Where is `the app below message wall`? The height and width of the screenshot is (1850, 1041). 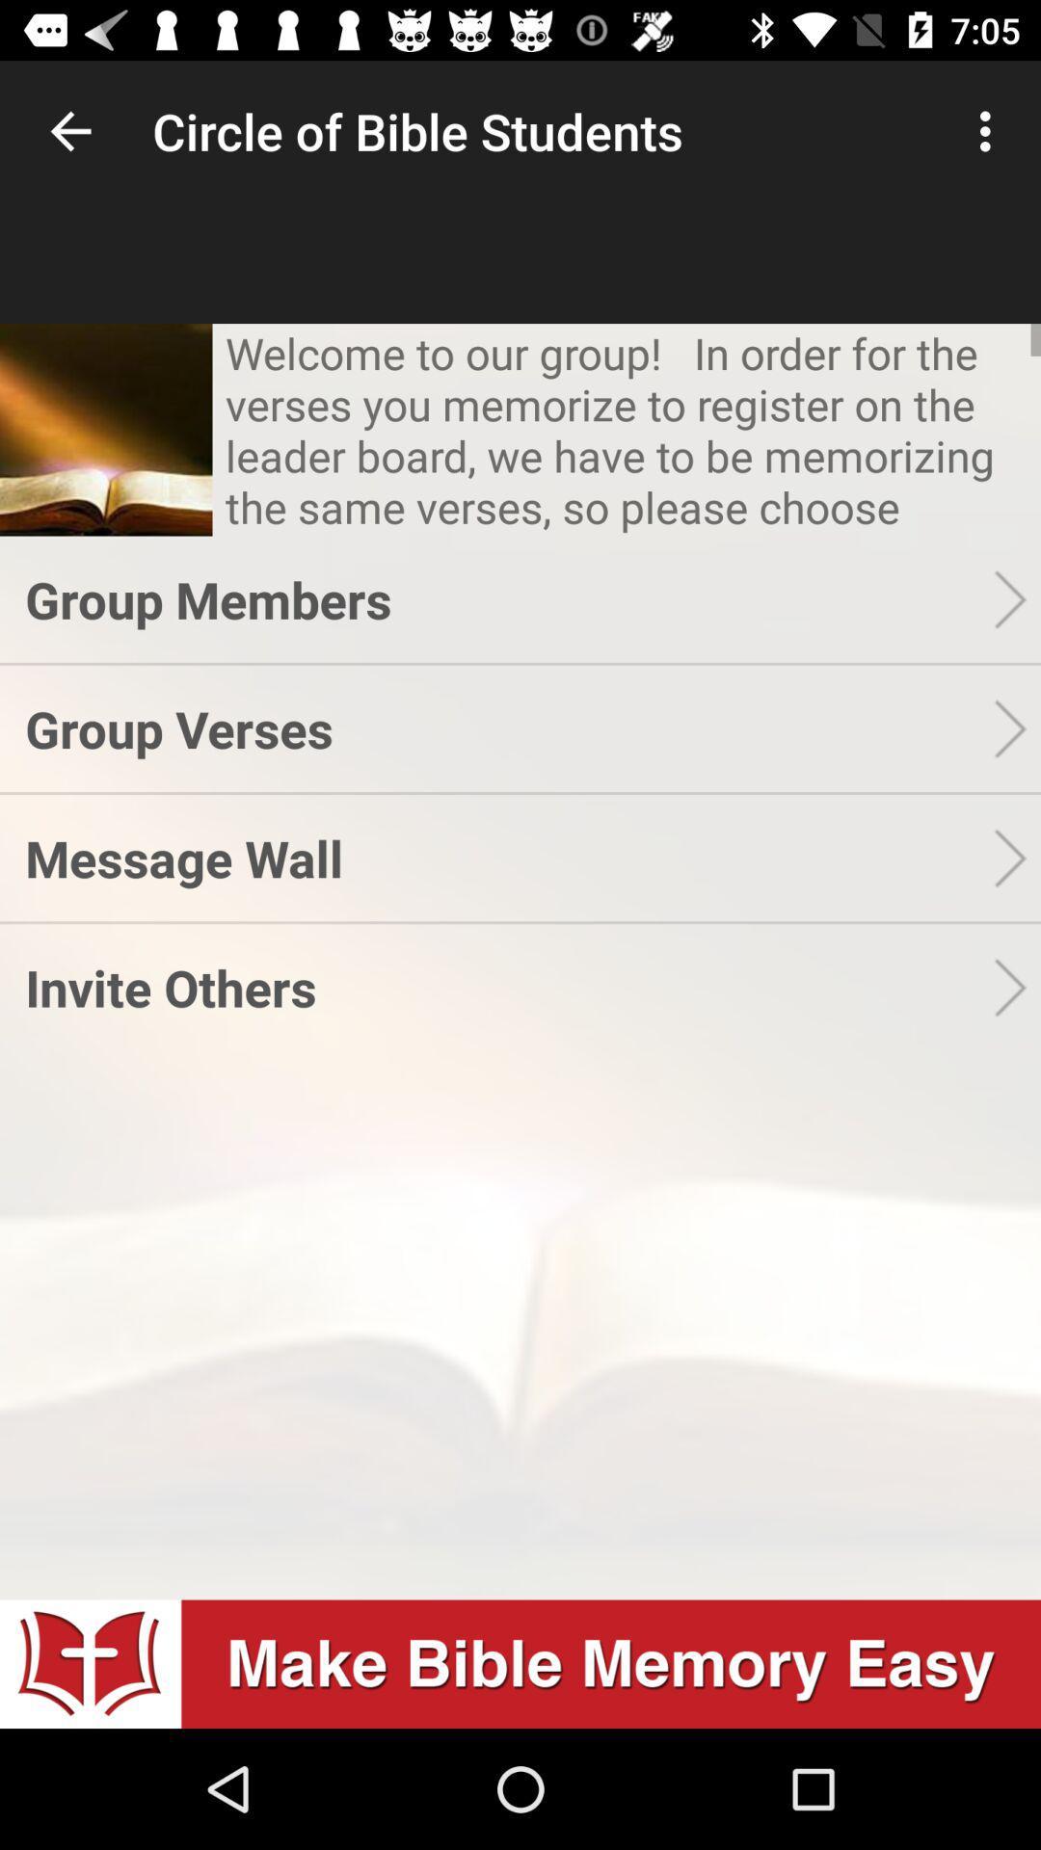 the app below message wall is located at coordinates (508, 987).